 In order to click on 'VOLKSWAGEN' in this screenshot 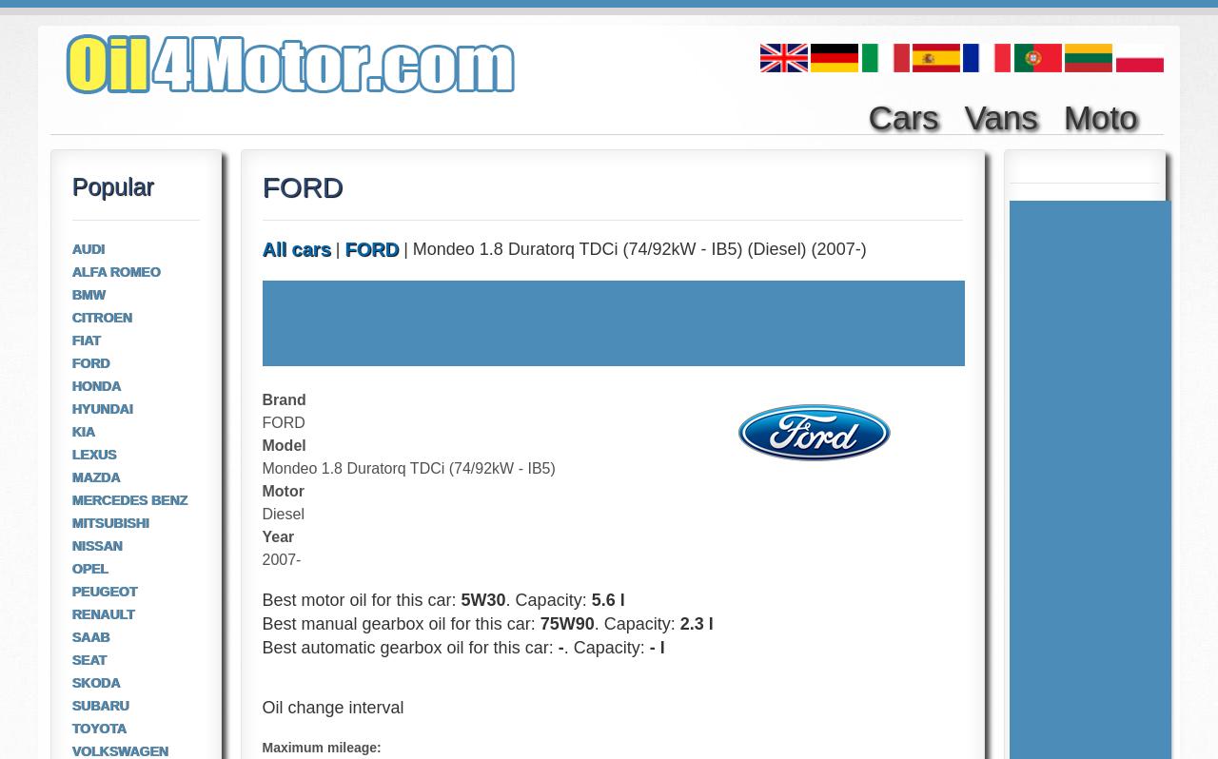, I will do `click(118, 751)`.